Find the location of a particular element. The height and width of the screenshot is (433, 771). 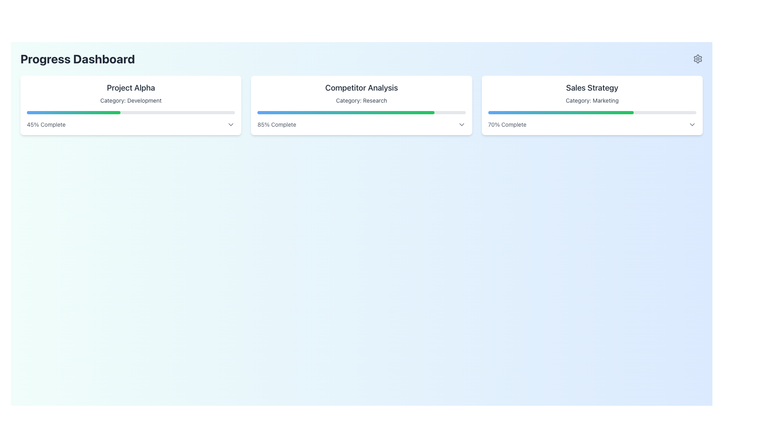

visual representation of the progress bar located under the 'Project Alpha' title, which is filled to 45% with a gradient from blue to green is located at coordinates (73, 113).